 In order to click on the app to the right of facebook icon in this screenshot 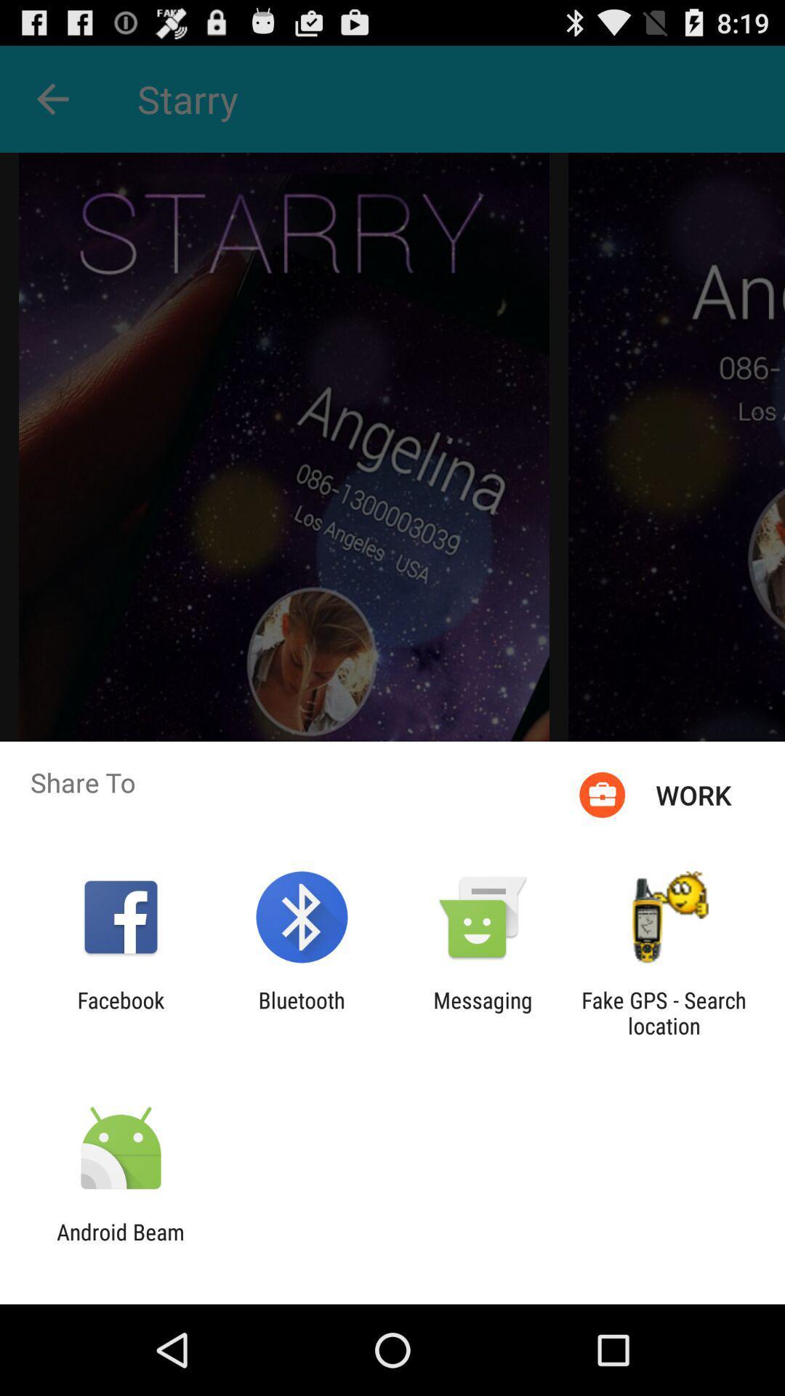, I will do `click(301, 1012)`.